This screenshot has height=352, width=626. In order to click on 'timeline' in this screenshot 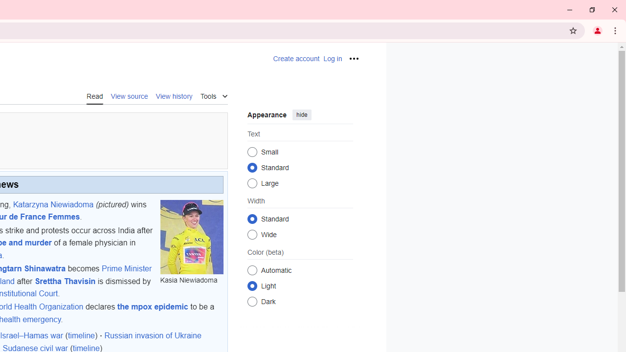, I will do `click(81, 335)`.